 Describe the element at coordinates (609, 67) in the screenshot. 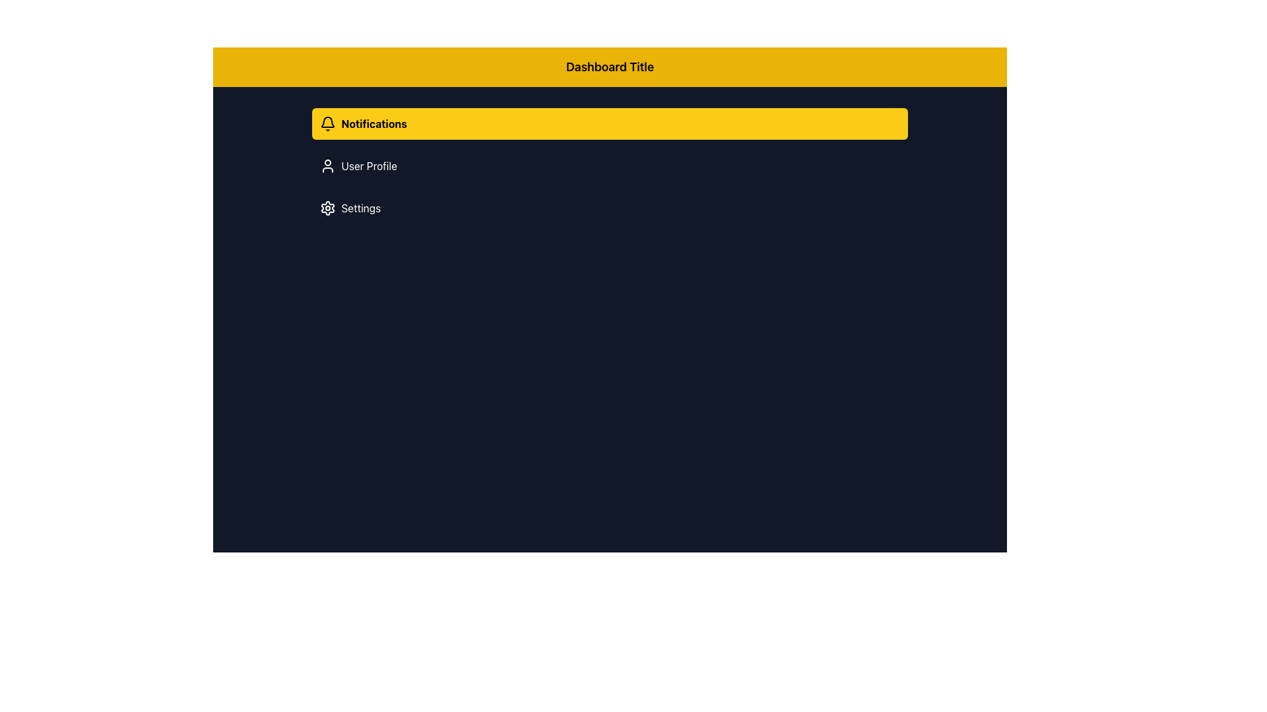

I see `the text label displaying 'Dashboard Title' which is styled with a large, bold font and located in the yellow banner at the top of the interface` at that location.